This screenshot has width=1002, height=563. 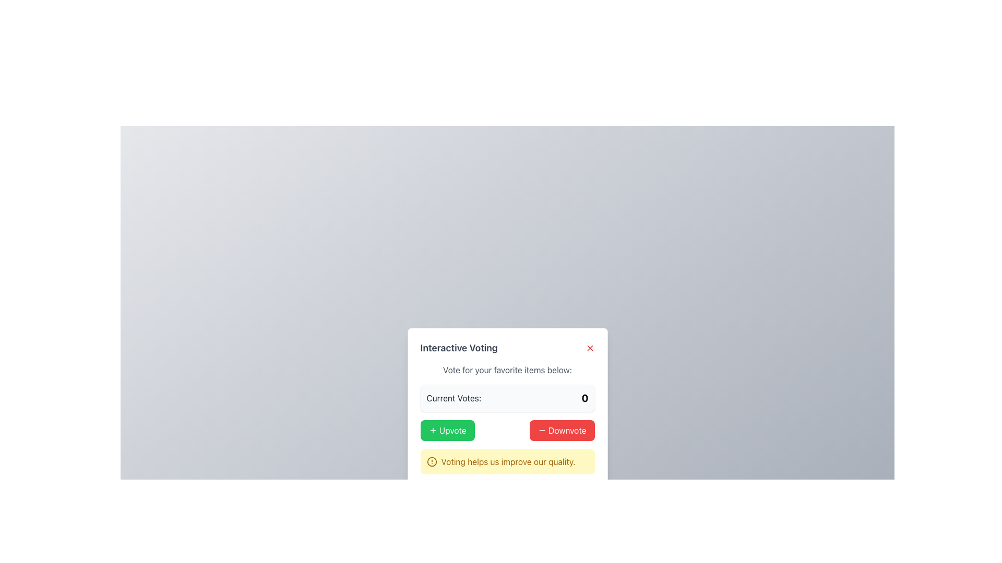 I want to click on the Close button located in the top-right corner of the voting interface, so click(x=590, y=348).